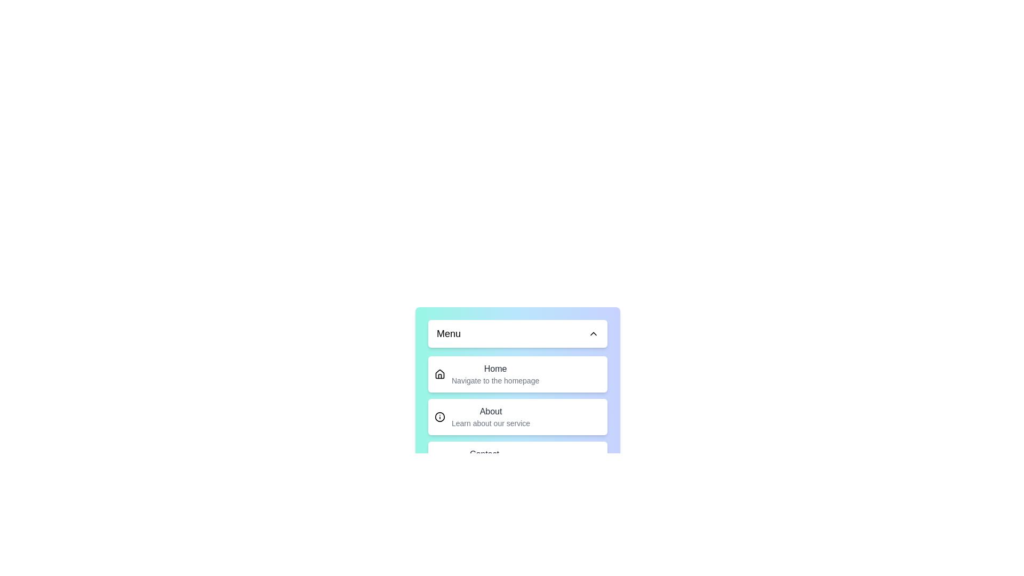 Image resolution: width=1024 pixels, height=576 pixels. Describe the element at coordinates (517, 374) in the screenshot. I see `the menu item Home to navigate` at that location.